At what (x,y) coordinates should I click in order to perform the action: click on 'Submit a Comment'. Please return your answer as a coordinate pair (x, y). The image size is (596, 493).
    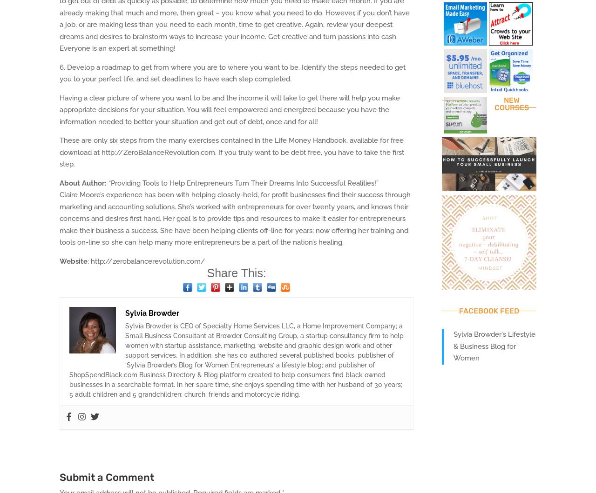
    Looking at the image, I should click on (107, 477).